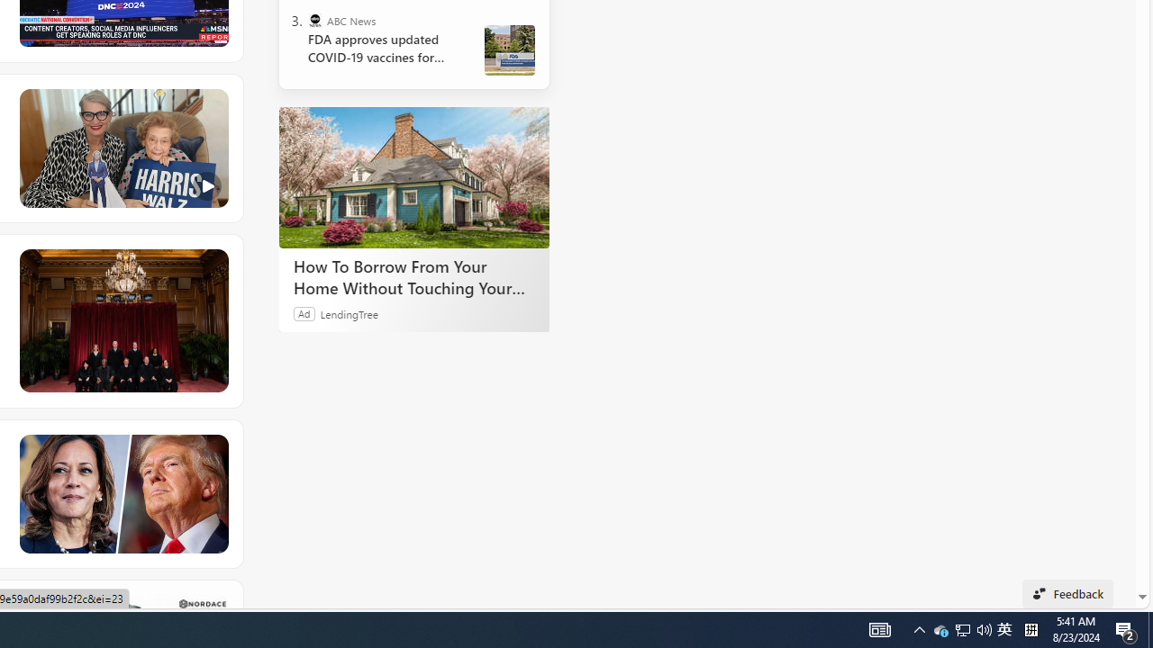 Image resolution: width=1153 pixels, height=648 pixels. Describe the element at coordinates (315, 21) in the screenshot. I see `'ABC News'` at that location.